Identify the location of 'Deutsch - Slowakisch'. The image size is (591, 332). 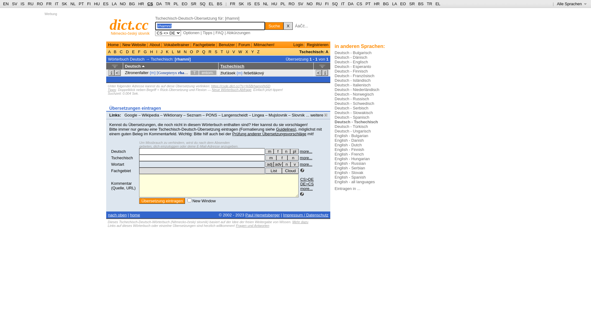
(353, 113).